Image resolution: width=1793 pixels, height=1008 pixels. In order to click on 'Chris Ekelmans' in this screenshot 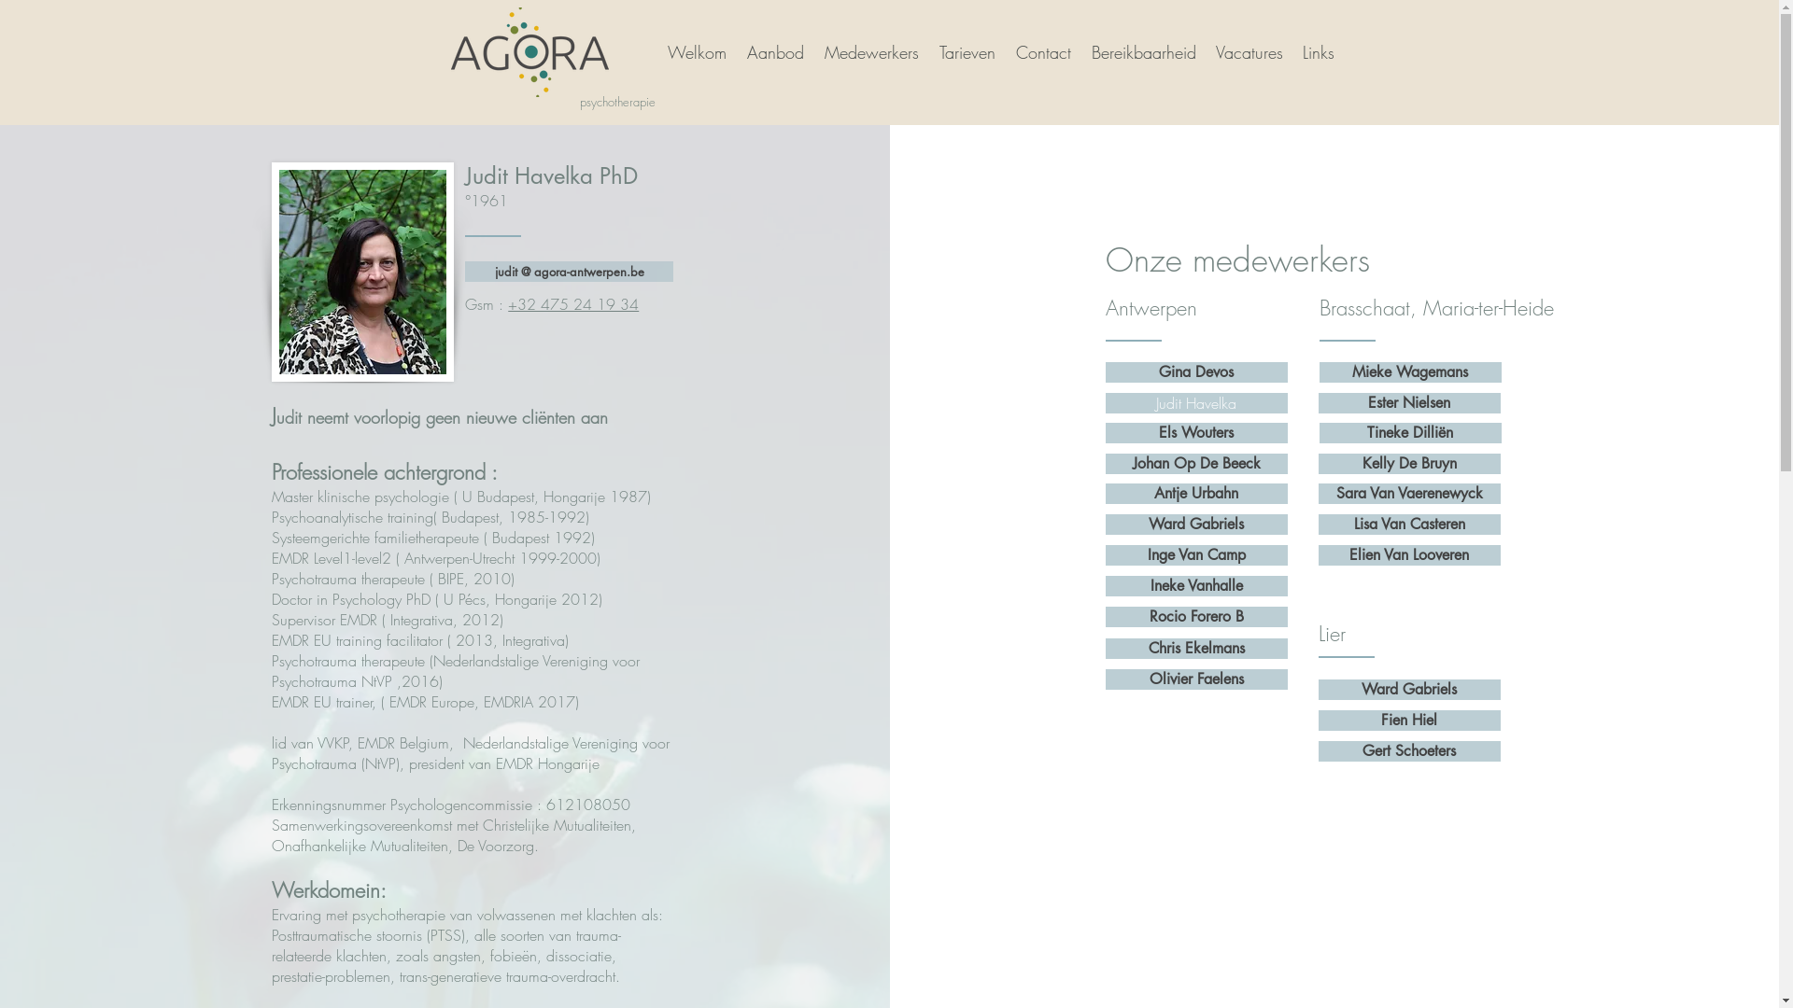, I will do `click(1106, 647)`.